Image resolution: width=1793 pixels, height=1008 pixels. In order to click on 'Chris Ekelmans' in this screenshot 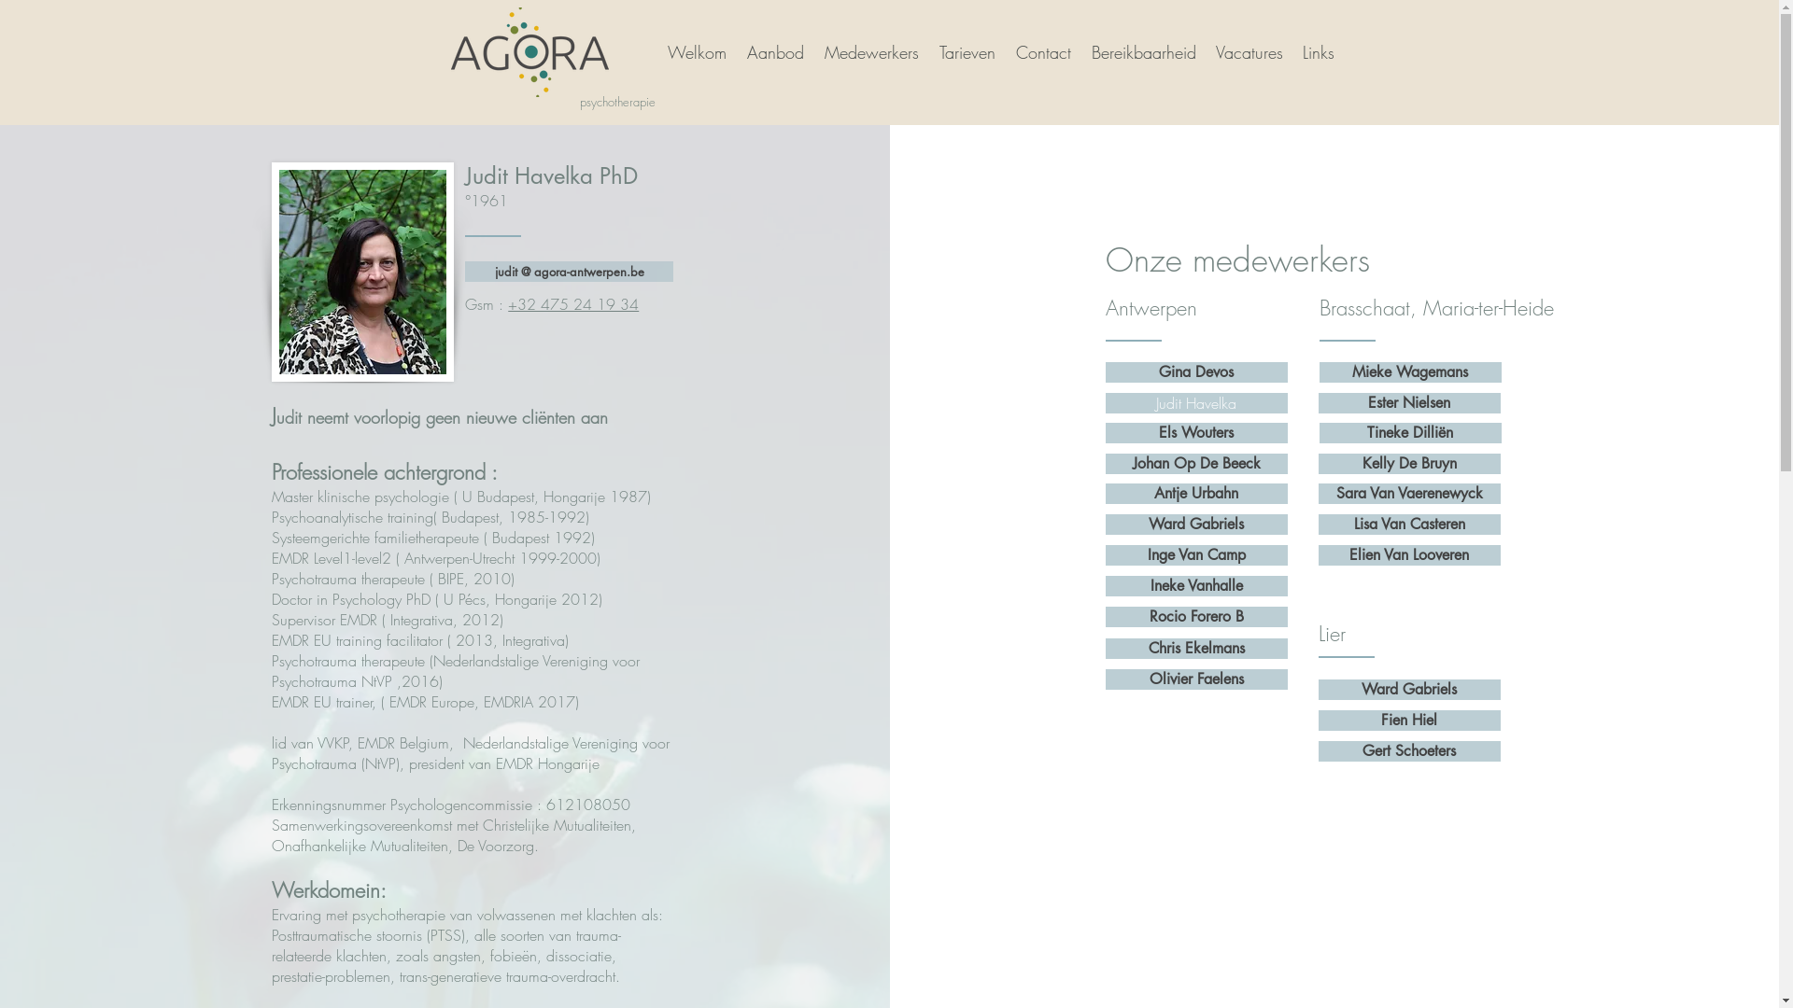, I will do `click(1106, 647)`.